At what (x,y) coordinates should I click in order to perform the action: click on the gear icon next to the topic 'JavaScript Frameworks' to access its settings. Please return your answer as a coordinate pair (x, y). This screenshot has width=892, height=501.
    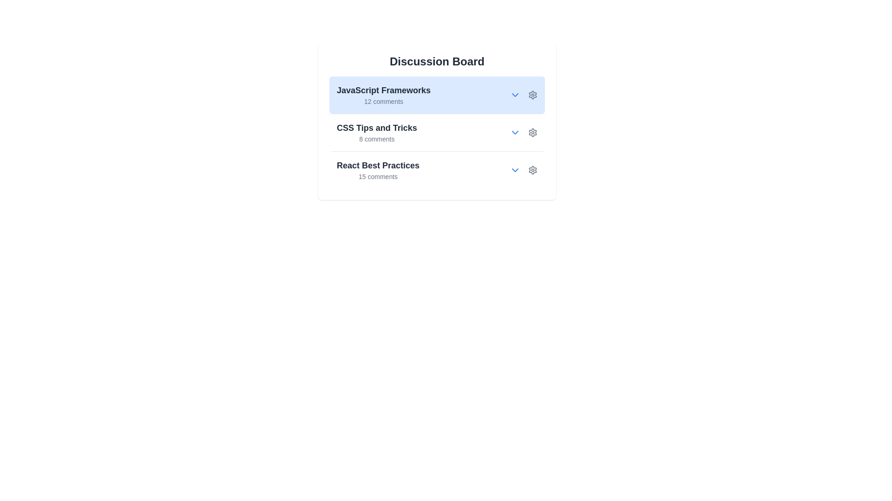
    Looking at the image, I should click on (533, 95).